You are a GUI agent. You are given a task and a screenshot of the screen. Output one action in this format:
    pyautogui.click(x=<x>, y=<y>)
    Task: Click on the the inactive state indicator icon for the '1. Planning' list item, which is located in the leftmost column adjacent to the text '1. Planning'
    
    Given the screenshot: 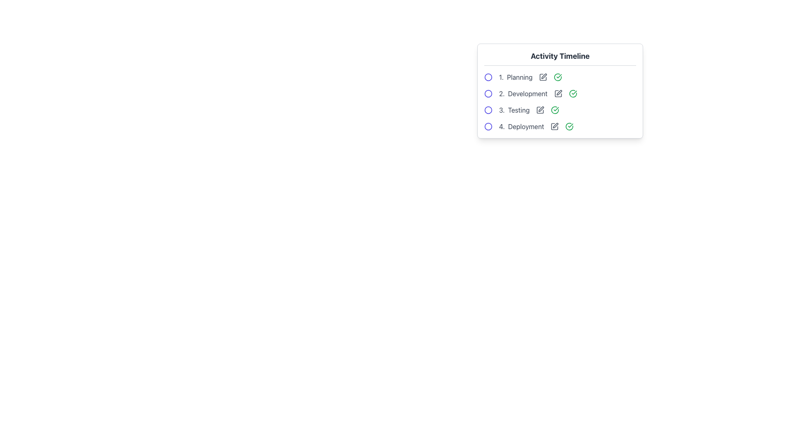 What is the action you would take?
    pyautogui.click(x=488, y=77)
    